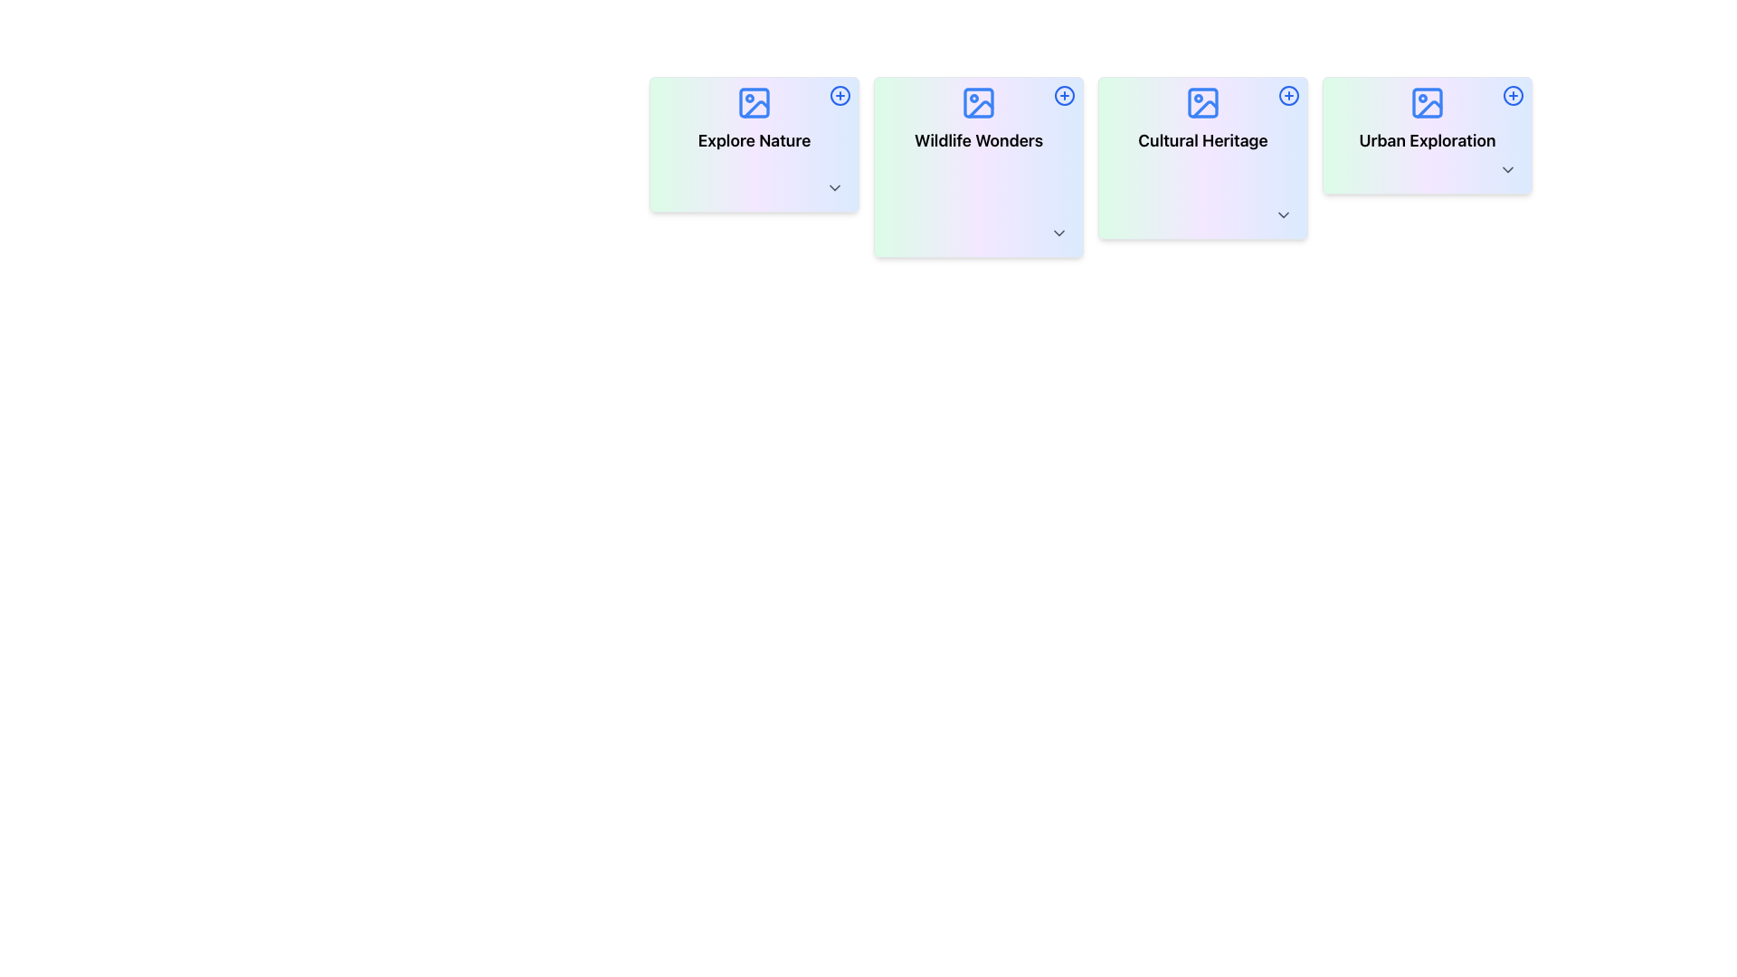  What do you see at coordinates (1064, 95) in the screenshot?
I see `the circular outline icon located in the top-right corner of the 'Wildlife Wonders' card` at bounding box center [1064, 95].